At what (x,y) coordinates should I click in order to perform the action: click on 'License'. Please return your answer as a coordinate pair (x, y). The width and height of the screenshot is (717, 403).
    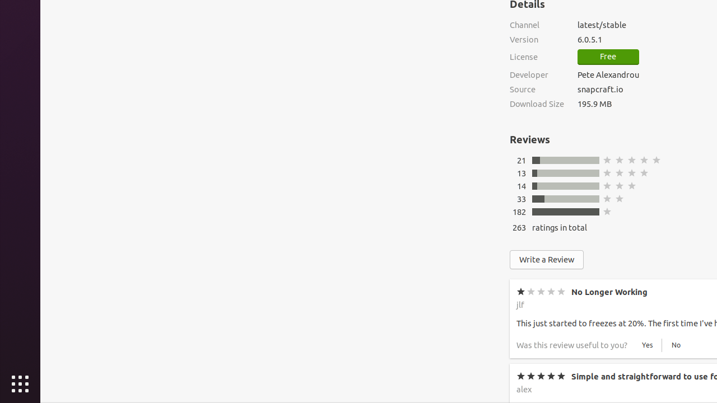
    Looking at the image, I should click on (536, 57).